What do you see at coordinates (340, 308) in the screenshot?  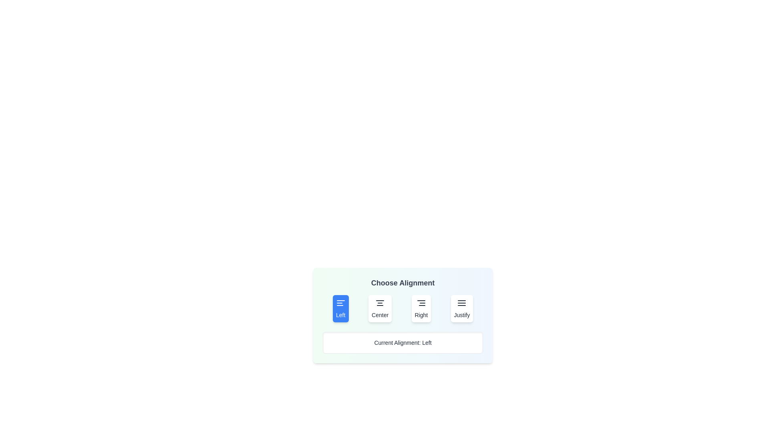 I see `the button labeled Left to observe its hover effect` at bounding box center [340, 308].